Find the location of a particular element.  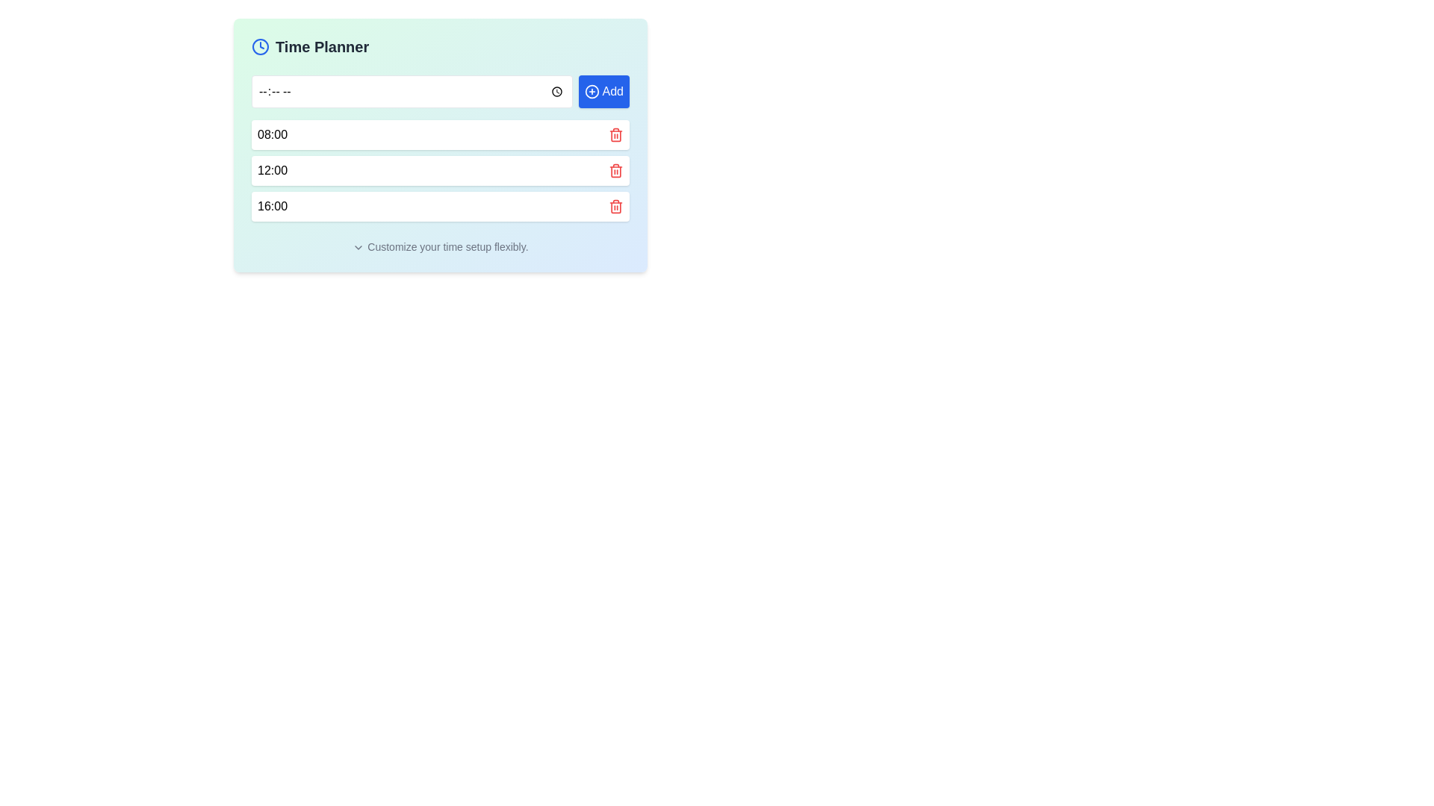

the tooltip of the downward-facing chevron icon located near the text 'Customize your time setup flexibly.' is located at coordinates (358, 247).